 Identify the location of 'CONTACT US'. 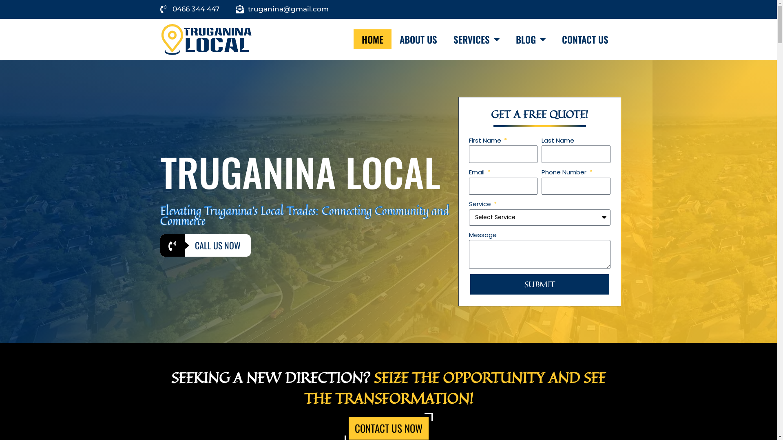
(585, 39).